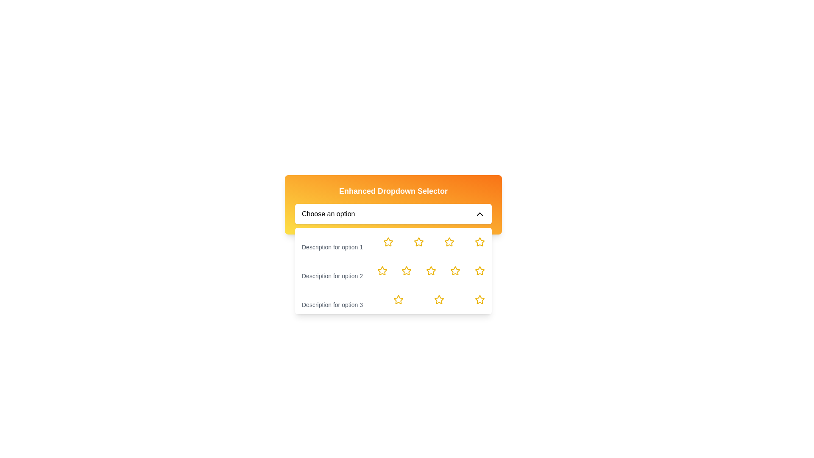 Image resolution: width=814 pixels, height=458 pixels. I want to click on the second option in the dropdown menu labeled 'Choose an option', which is visually styled with a white background and rounded corners, and displays multiple star icons for ratings, so click(393, 271).